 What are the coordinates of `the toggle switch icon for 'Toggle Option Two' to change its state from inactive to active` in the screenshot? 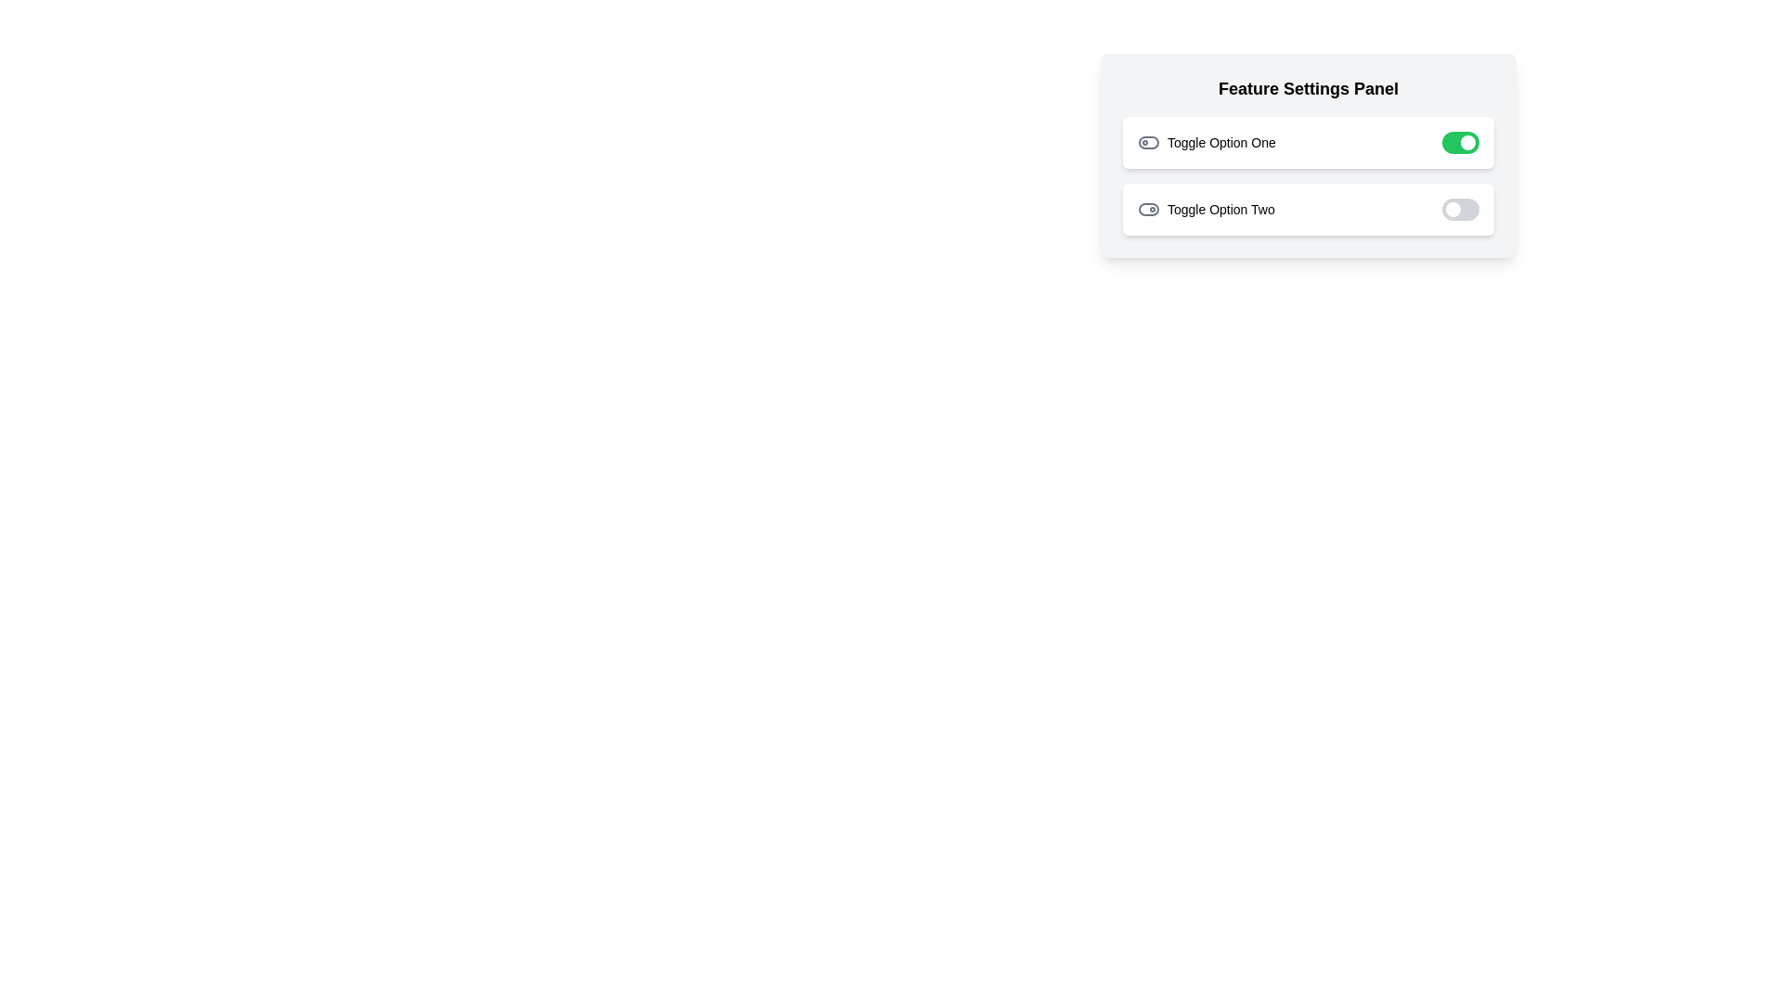 It's located at (1148, 209).